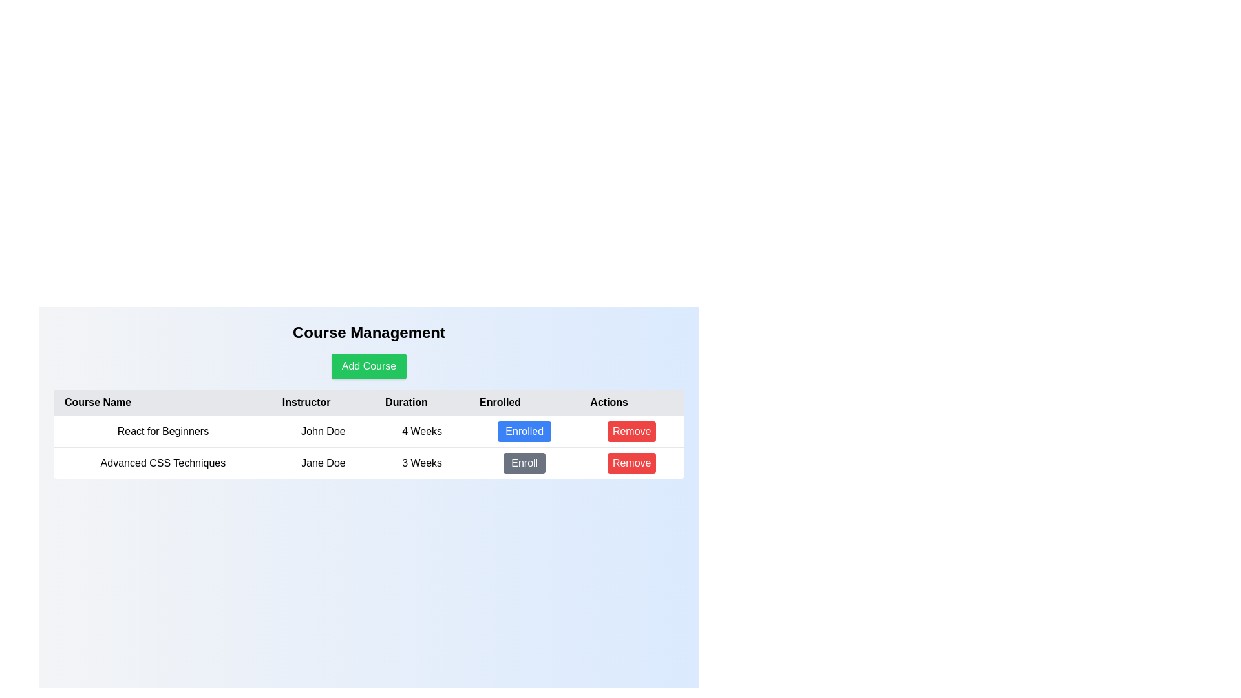 The image size is (1241, 698). What do you see at coordinates (524, 463) in the screenshot?
I see `the button in the 'Enrolled' column for the course 'Advanced CSS Techniques' instructed by Jane Doe` at bounding box center [524, 463].